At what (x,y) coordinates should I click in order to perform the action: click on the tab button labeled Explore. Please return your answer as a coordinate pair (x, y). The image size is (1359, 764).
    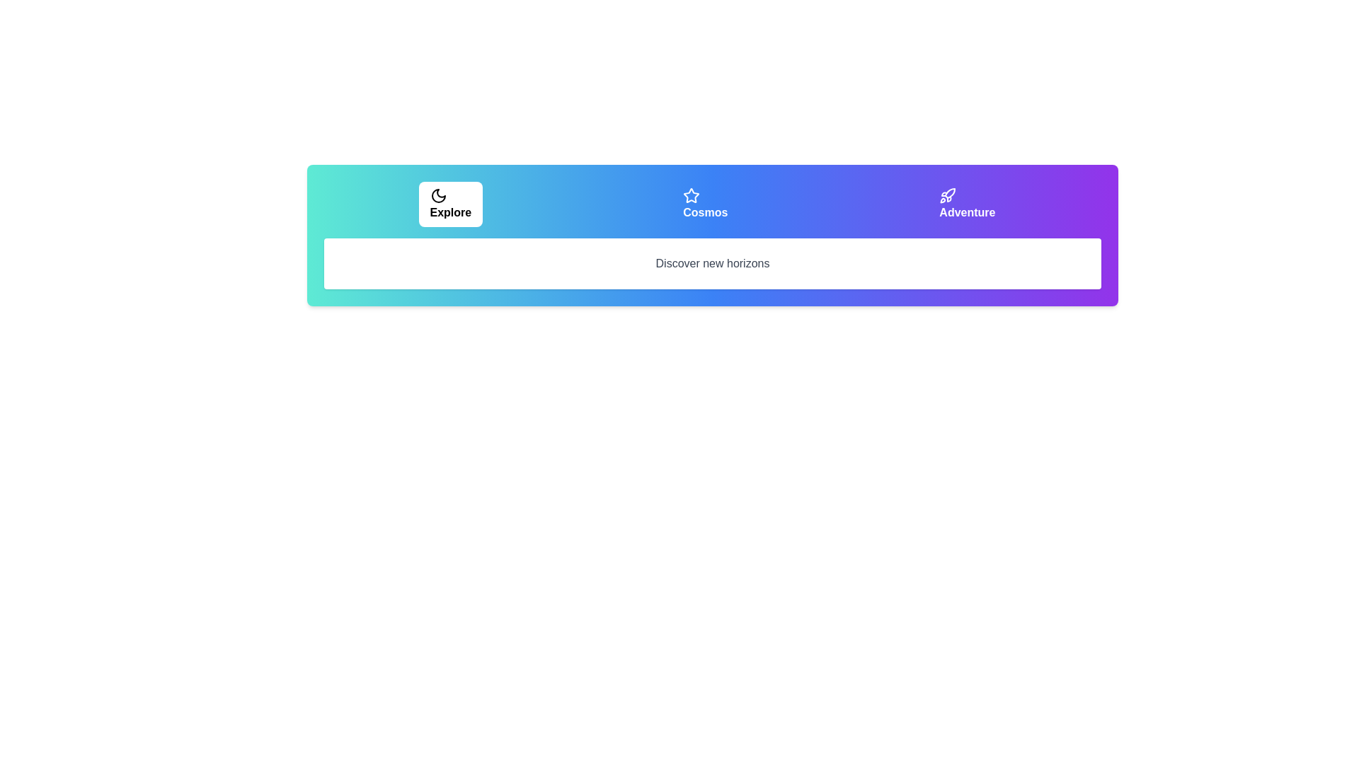
    Looking at the image, I should click on (449, 204).